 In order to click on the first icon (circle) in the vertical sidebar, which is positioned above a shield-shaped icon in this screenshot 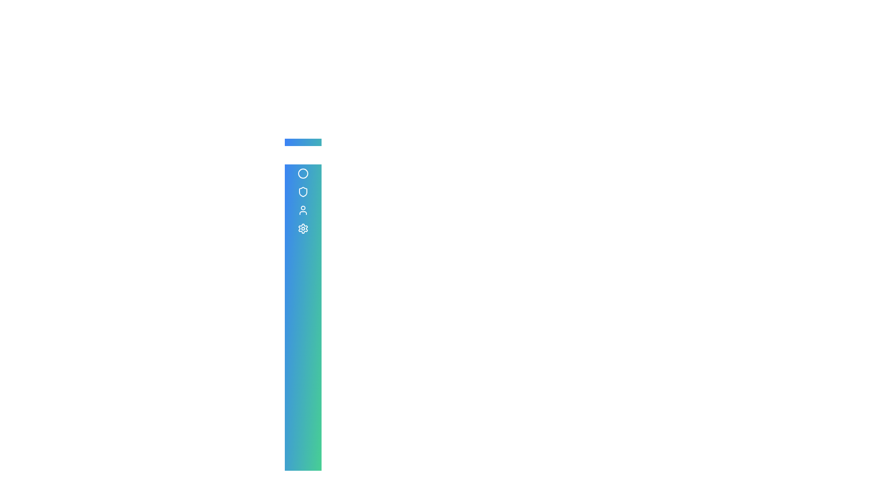, I will do `click(303, 174)`.